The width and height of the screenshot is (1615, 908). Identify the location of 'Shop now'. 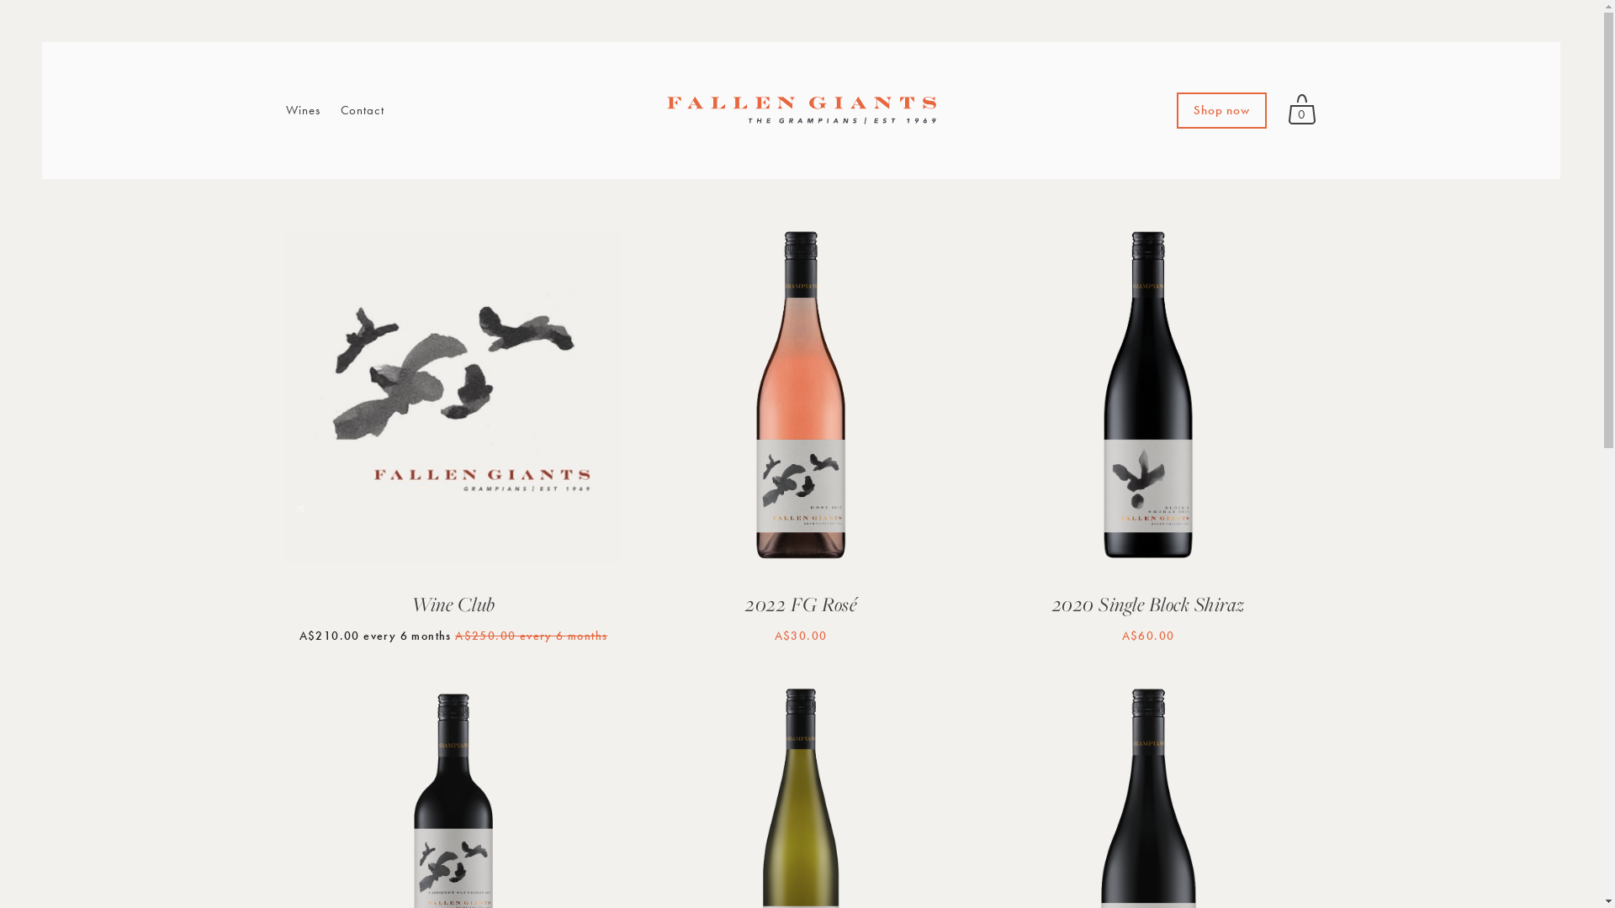
(1221, 110).